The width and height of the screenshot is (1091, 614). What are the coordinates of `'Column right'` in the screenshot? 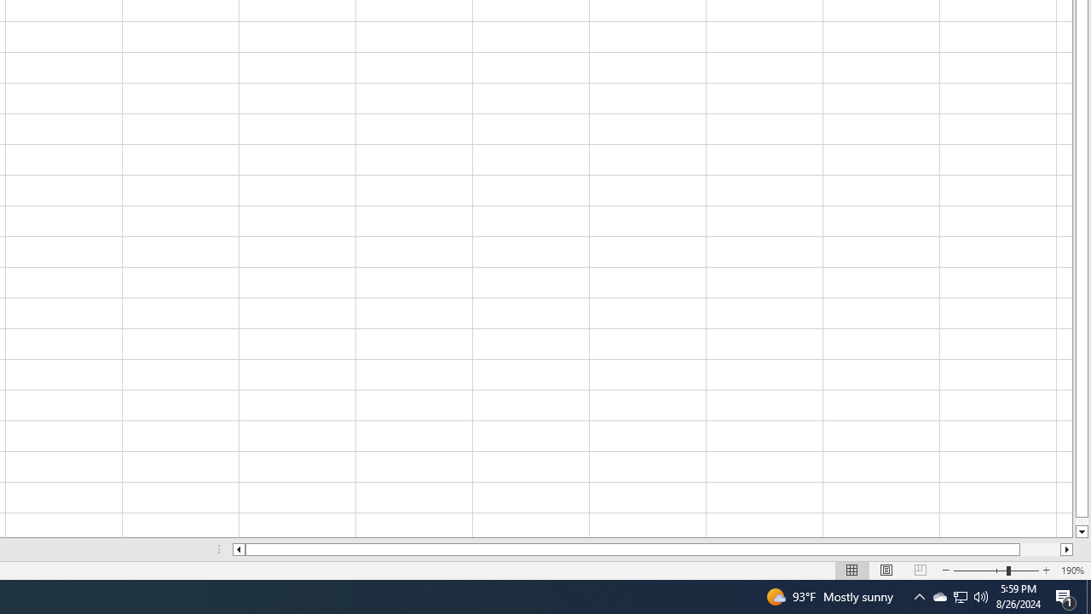 It's located at (1066, 549).